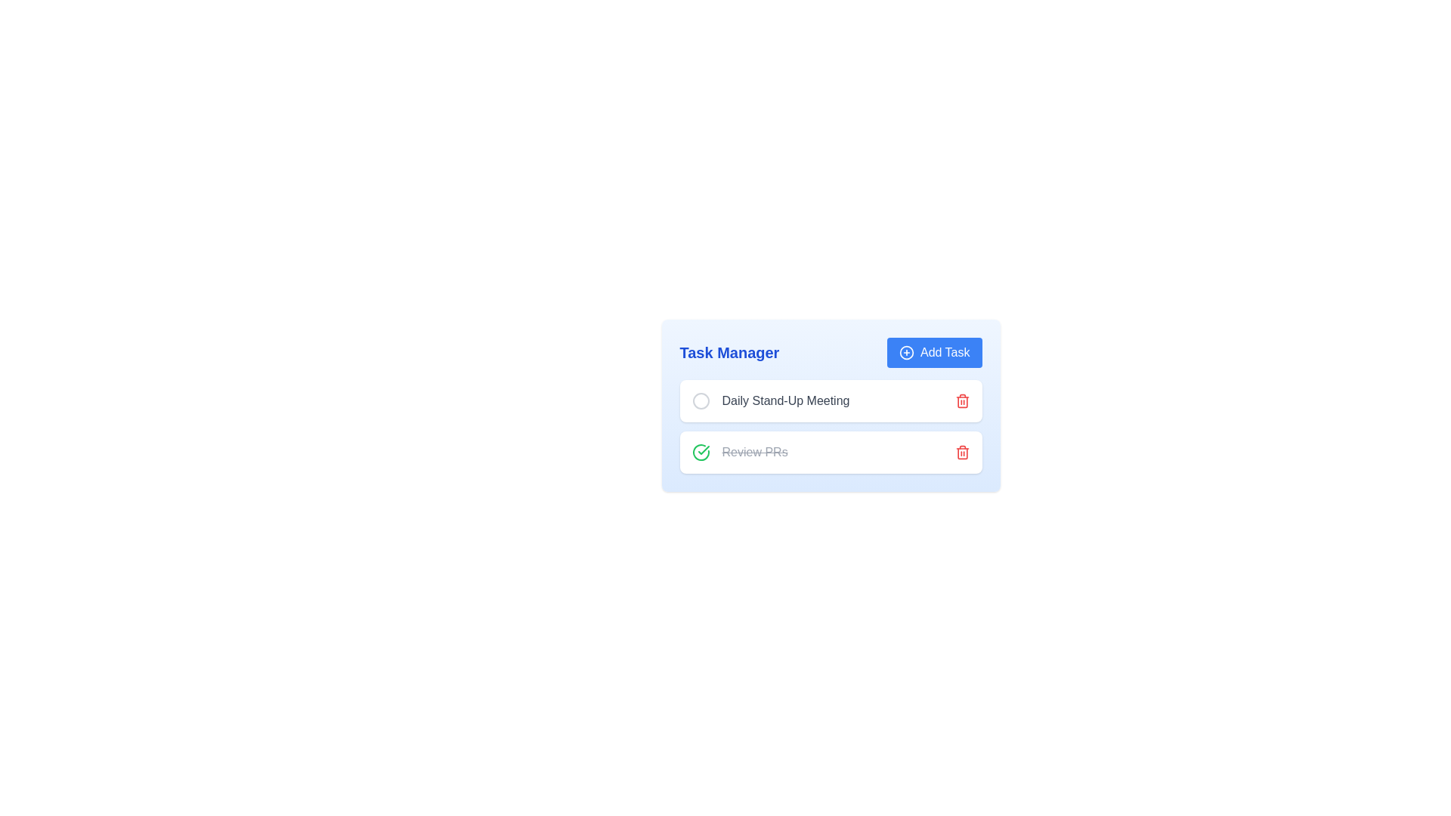 This screenshot has height=816, width=1451. What do you see at coordinates (700, 400) in the screenshot?
I see `the SVG Circle element that serves as a visual indicator for the task titled 'Daily Stand-Up Meeting'` at bounding box center [700, 400].